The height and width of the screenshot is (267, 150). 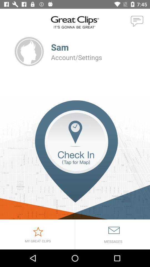 I want to click on saved list, so click(x=37, y=234).